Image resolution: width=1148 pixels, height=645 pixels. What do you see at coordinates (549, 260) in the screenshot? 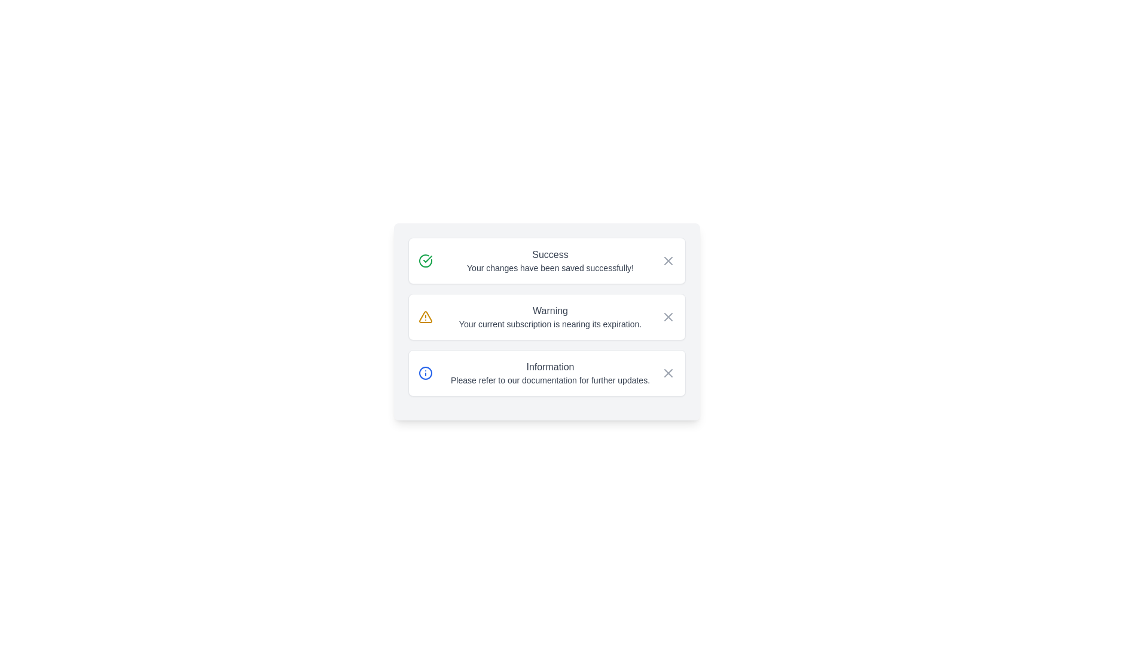
I see `the informational text block titled 'Success' that displays the message 'Your changes have been saved successfully!'` at bounding box center [549, 260].